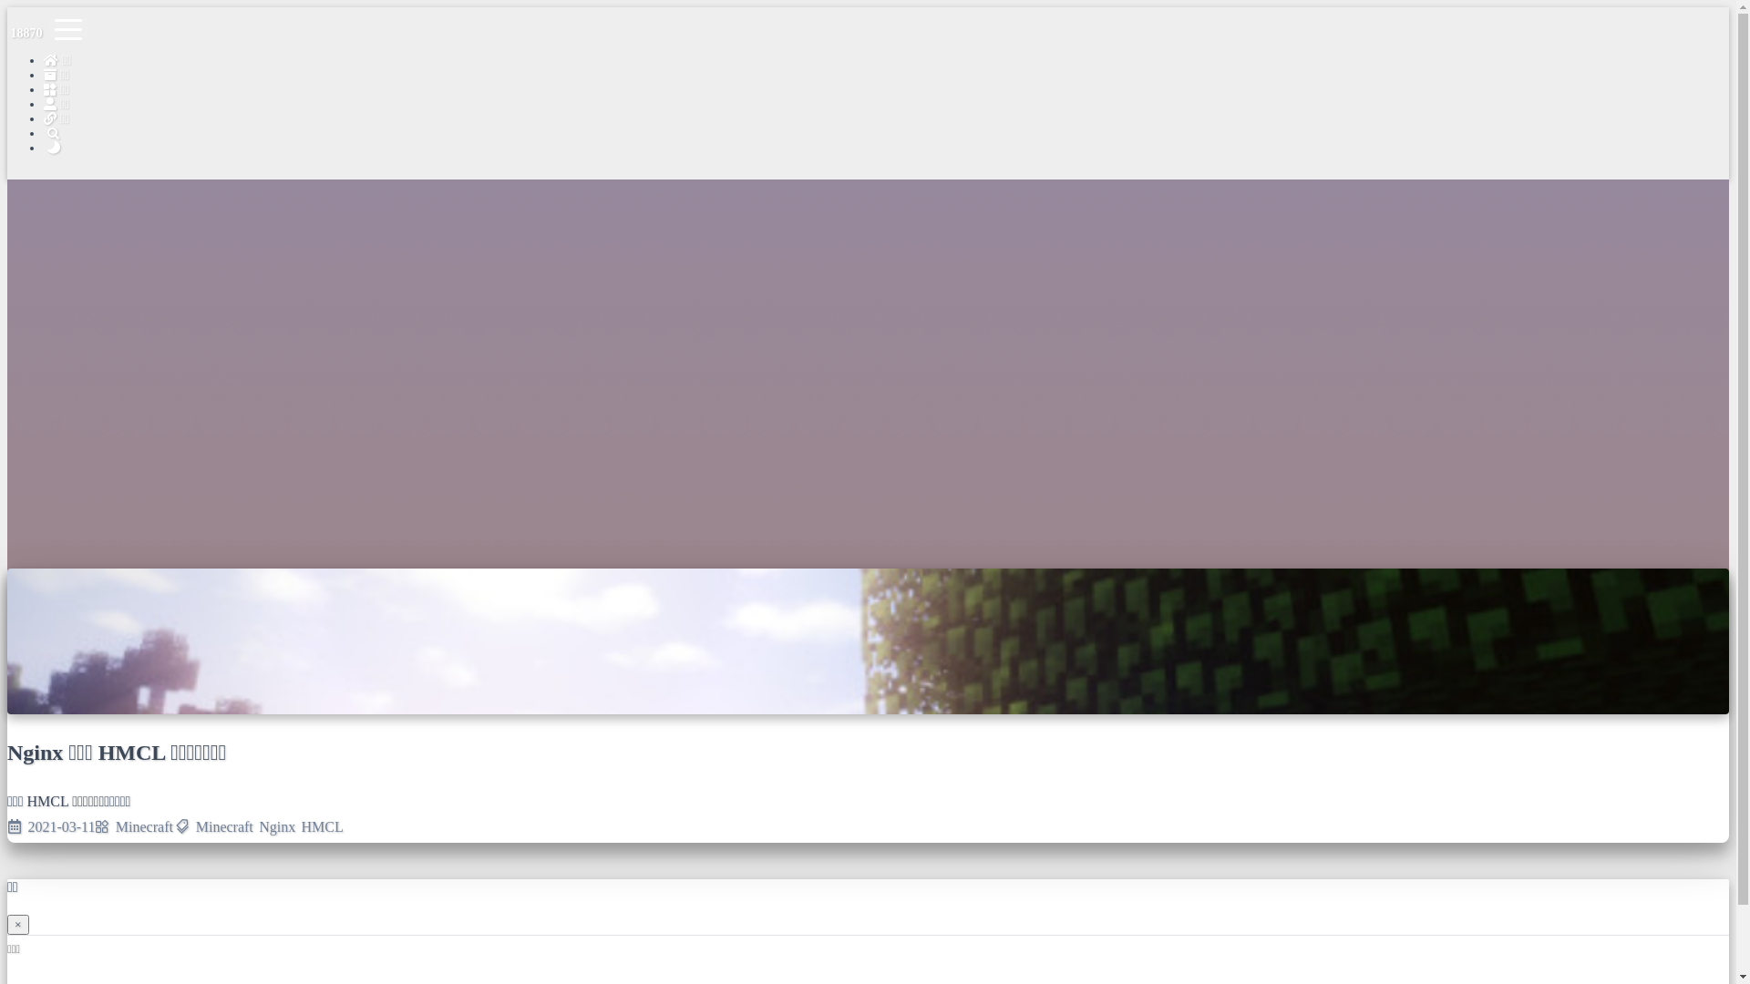  Describe the element at coordinates (275, 826) in the screenshot. I see `'Nginx'` at that location.